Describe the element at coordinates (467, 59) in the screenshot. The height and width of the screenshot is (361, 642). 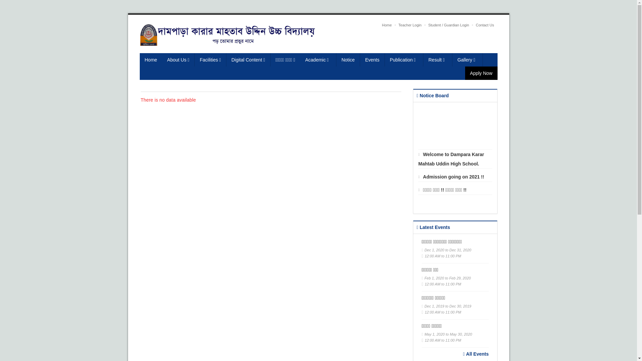
I see `'Gallery'` at that location.